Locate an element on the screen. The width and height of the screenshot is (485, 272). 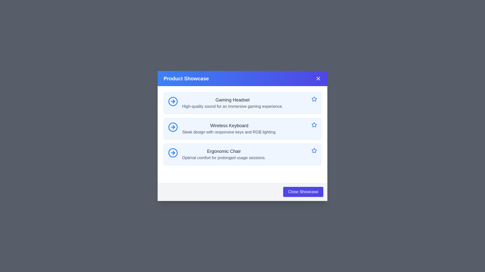
the 'Wireless Keyboard' list item is located at coordinates (243, 128).